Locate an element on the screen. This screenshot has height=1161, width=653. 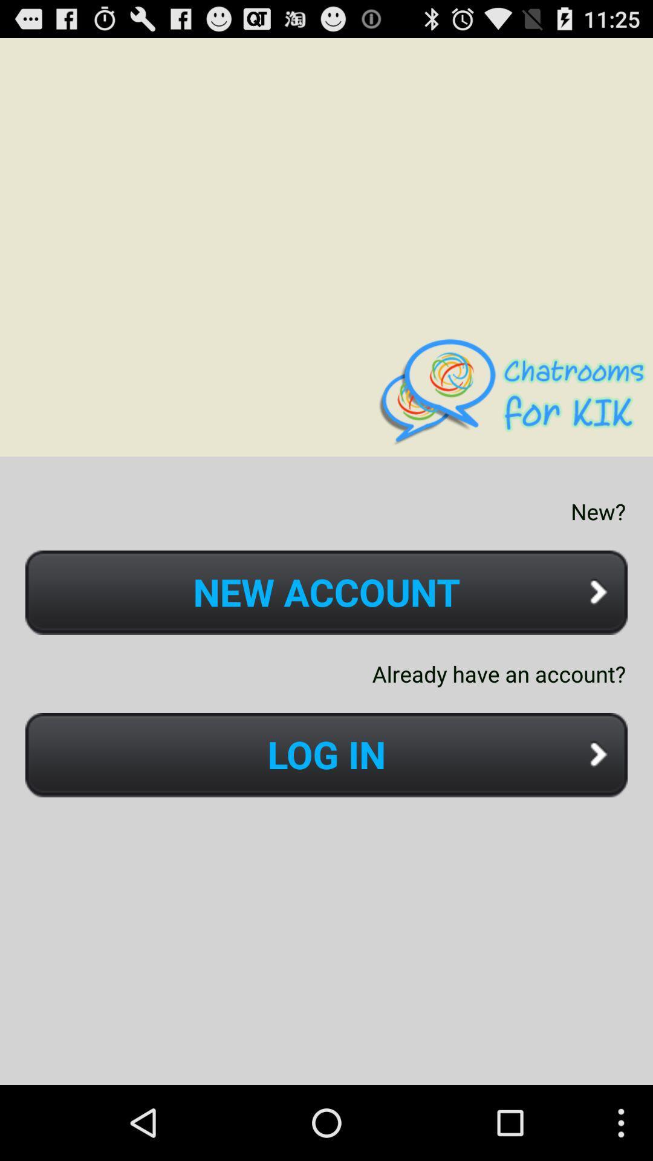
the log in item is located at coordinates (326, 754).